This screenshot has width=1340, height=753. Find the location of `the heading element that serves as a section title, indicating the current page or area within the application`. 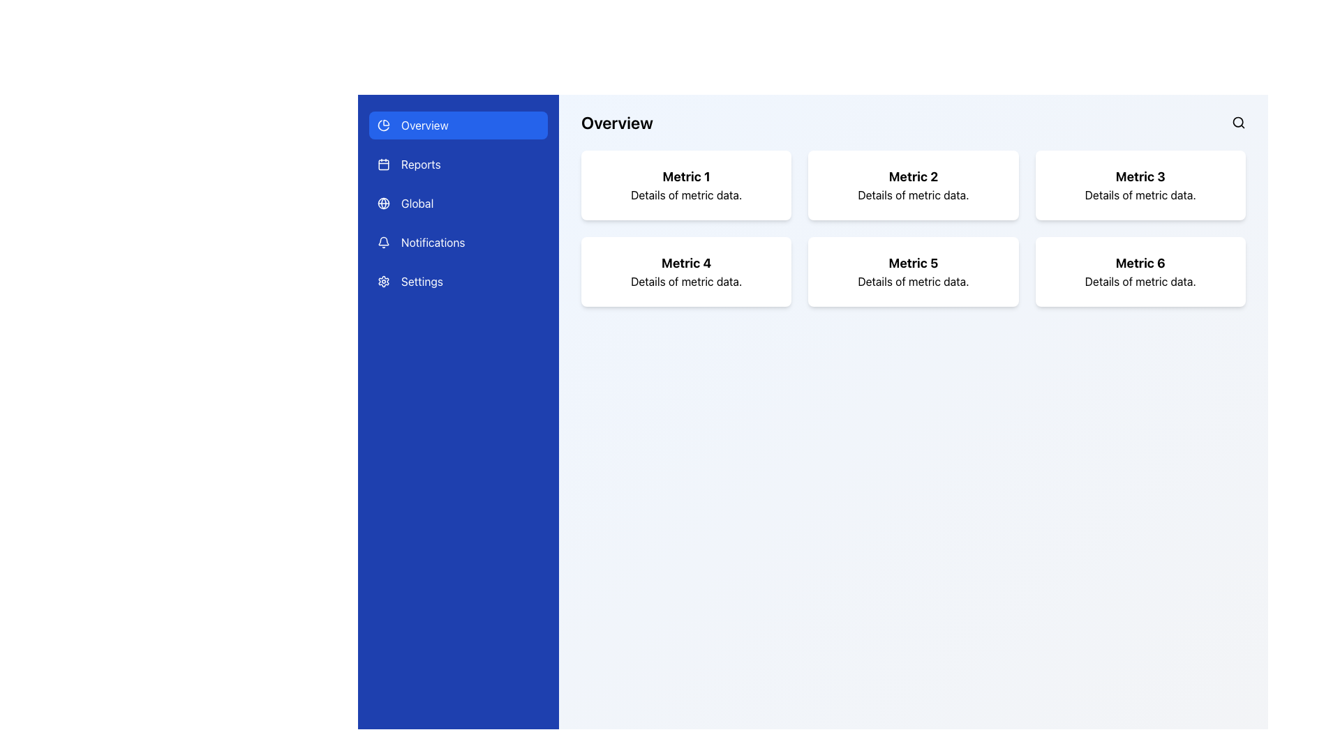

the heading element that serves as a section title, indicating the current page or area within the application is located at coordinates (616, 122).